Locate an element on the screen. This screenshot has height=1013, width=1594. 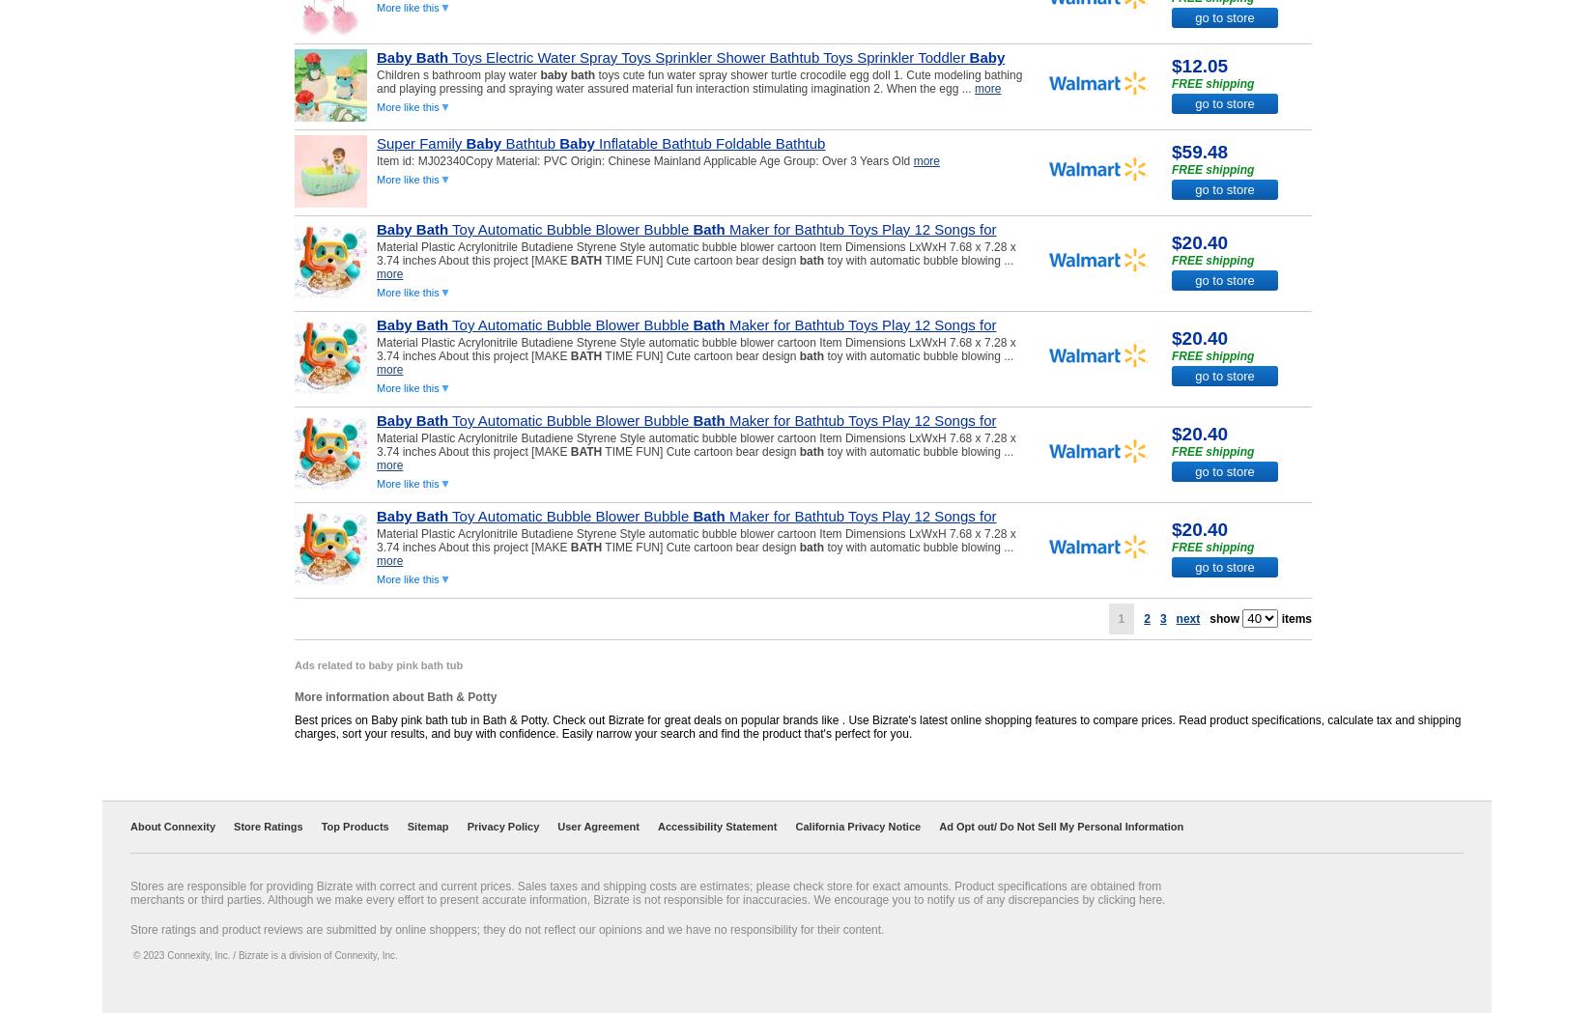
'California Privacy Notice' is located at coordinates (858, 826).